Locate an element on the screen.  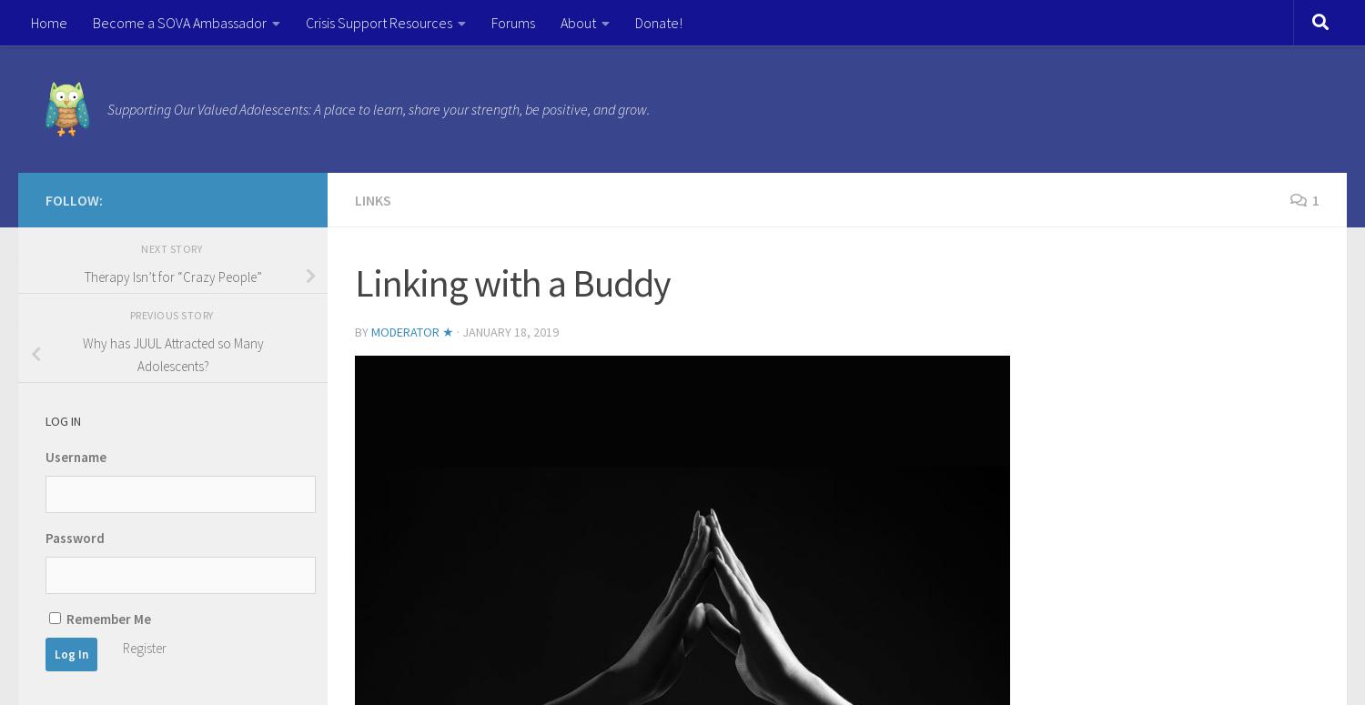
'Donate!' is located at coordinates (658, 23).